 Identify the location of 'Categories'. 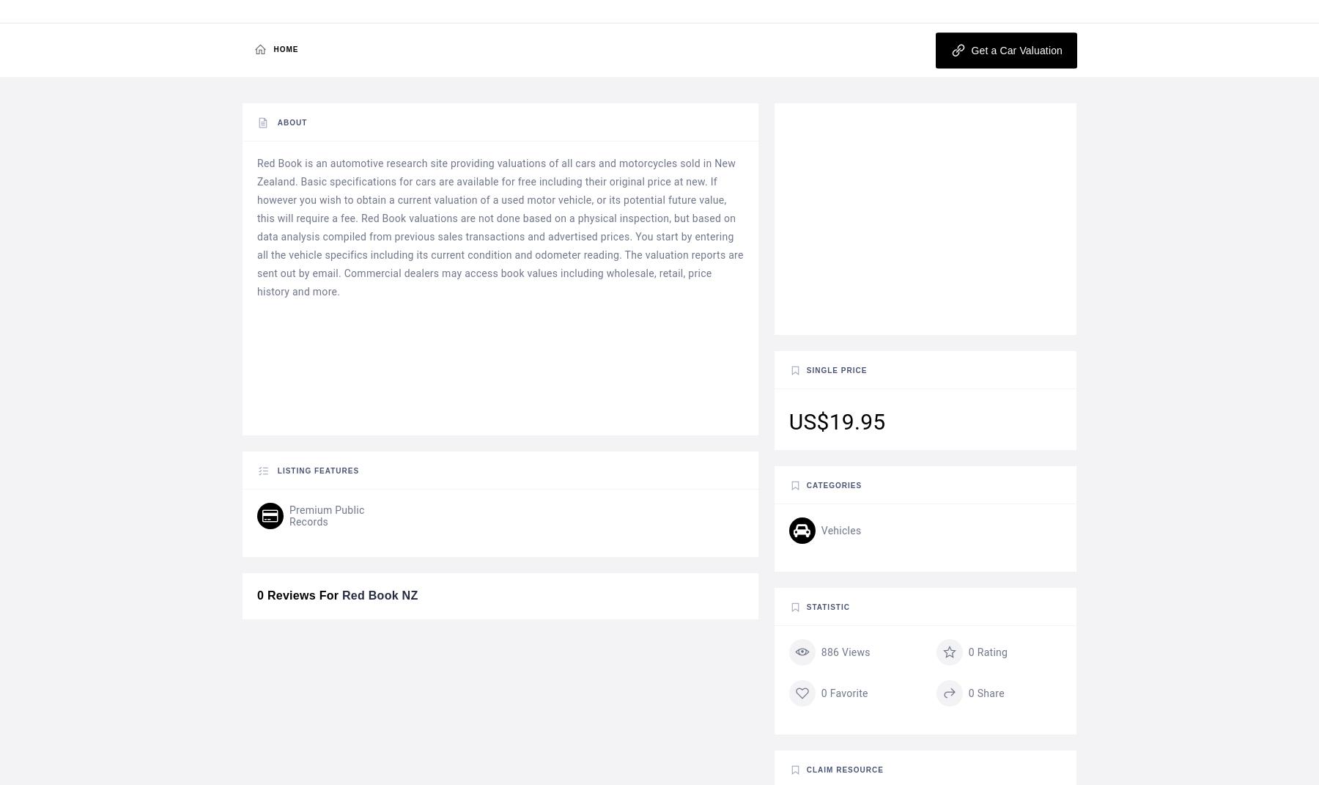
(832, 484).